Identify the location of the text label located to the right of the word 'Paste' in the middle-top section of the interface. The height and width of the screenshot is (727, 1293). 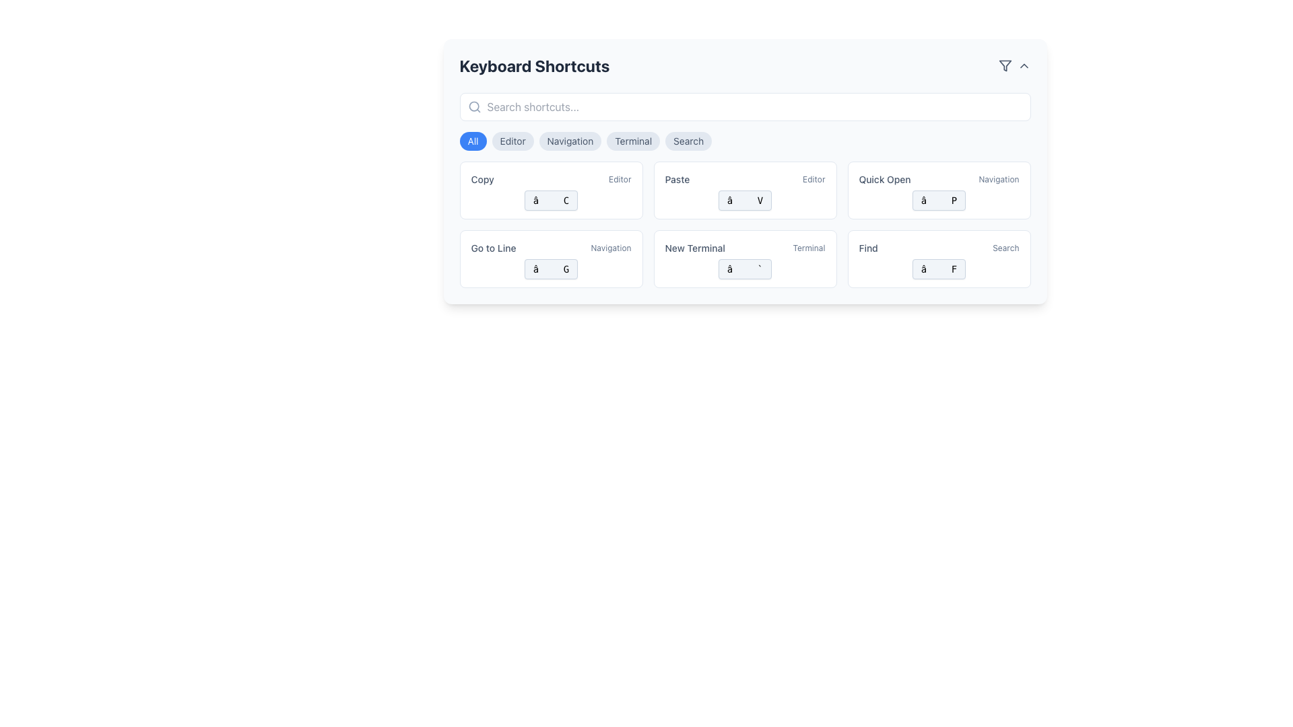
(813, 178).